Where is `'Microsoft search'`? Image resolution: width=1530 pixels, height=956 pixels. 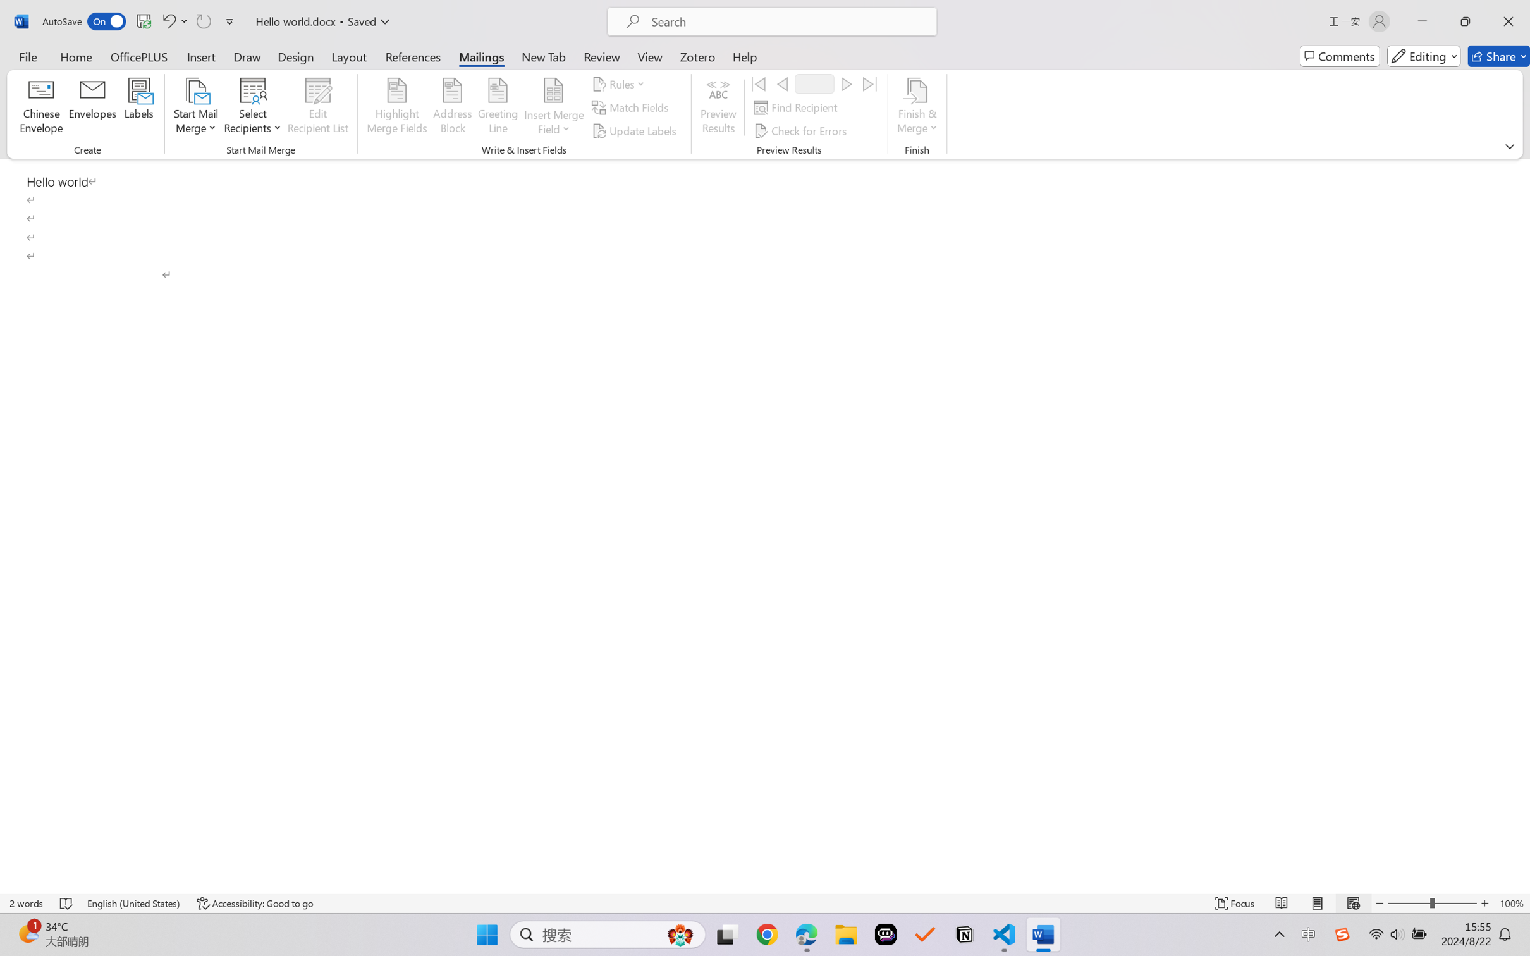
'Microsoft search' is located at coordinates (788, 21).